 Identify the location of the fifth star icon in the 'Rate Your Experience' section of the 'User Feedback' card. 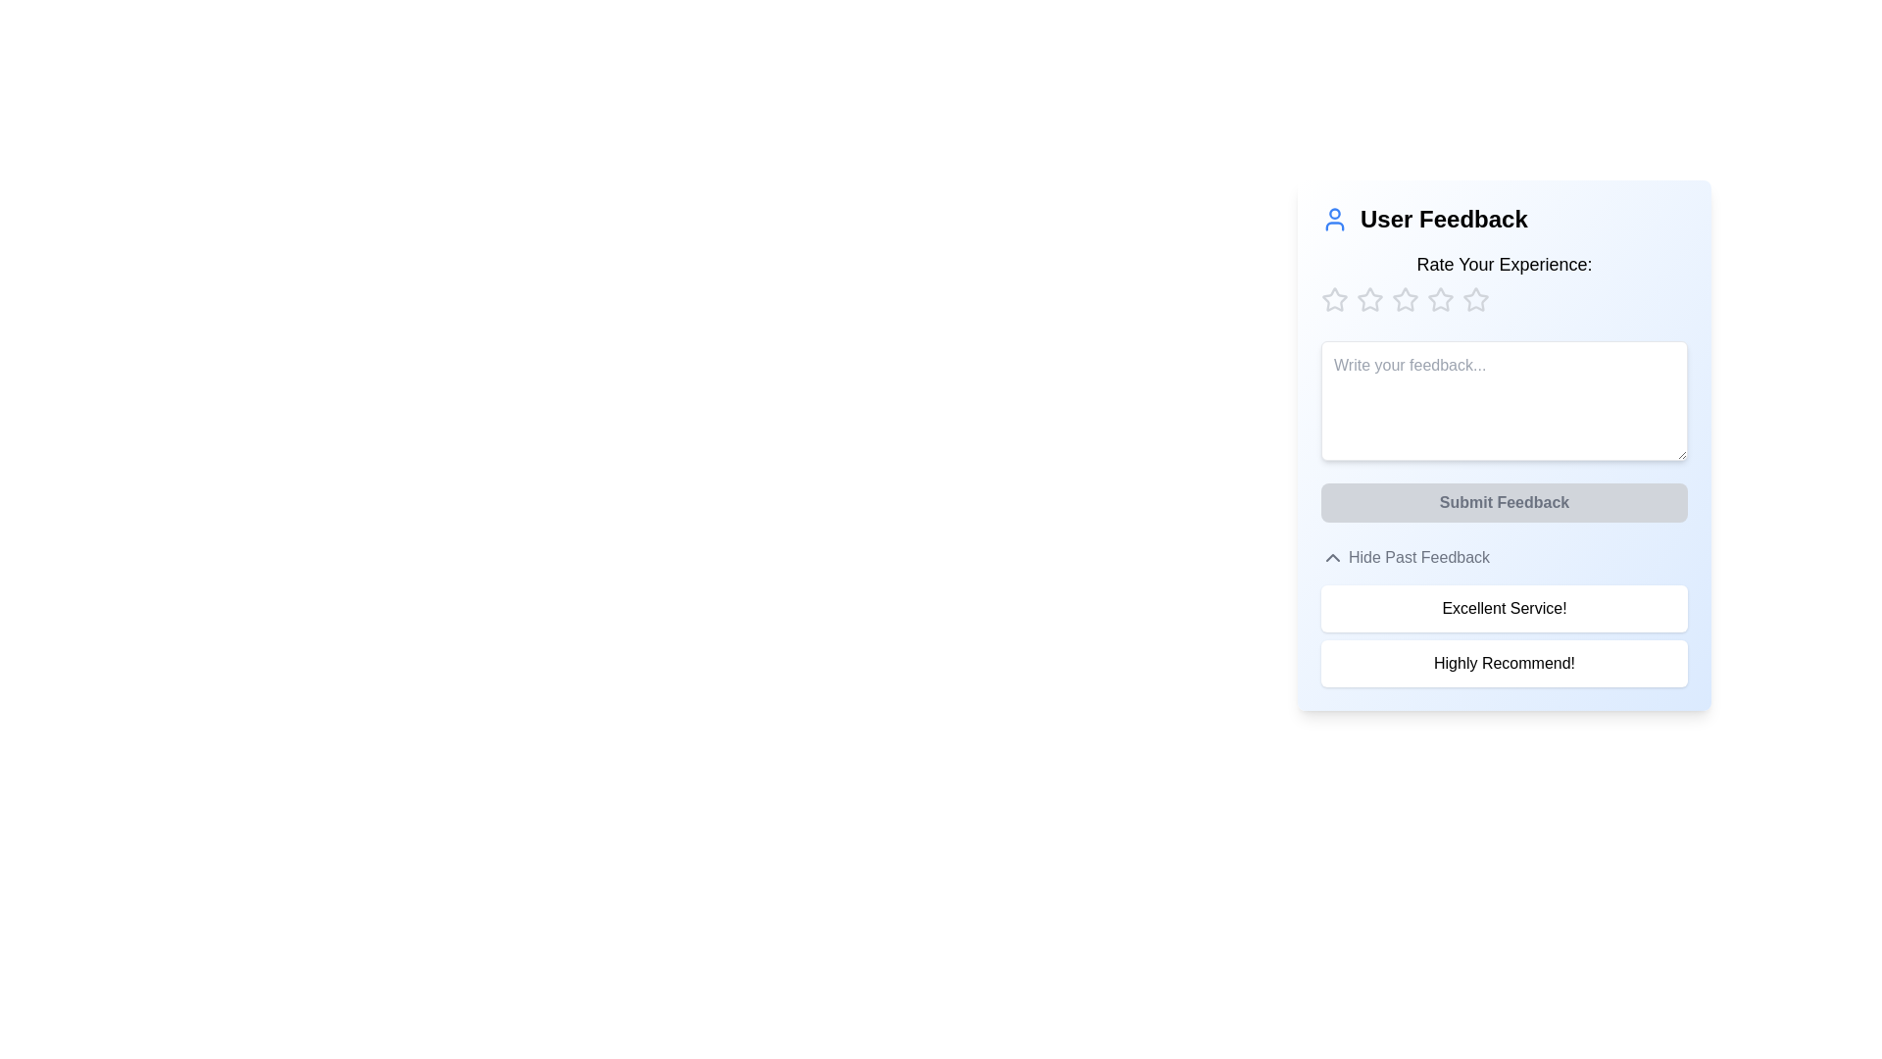
(1405, 299).